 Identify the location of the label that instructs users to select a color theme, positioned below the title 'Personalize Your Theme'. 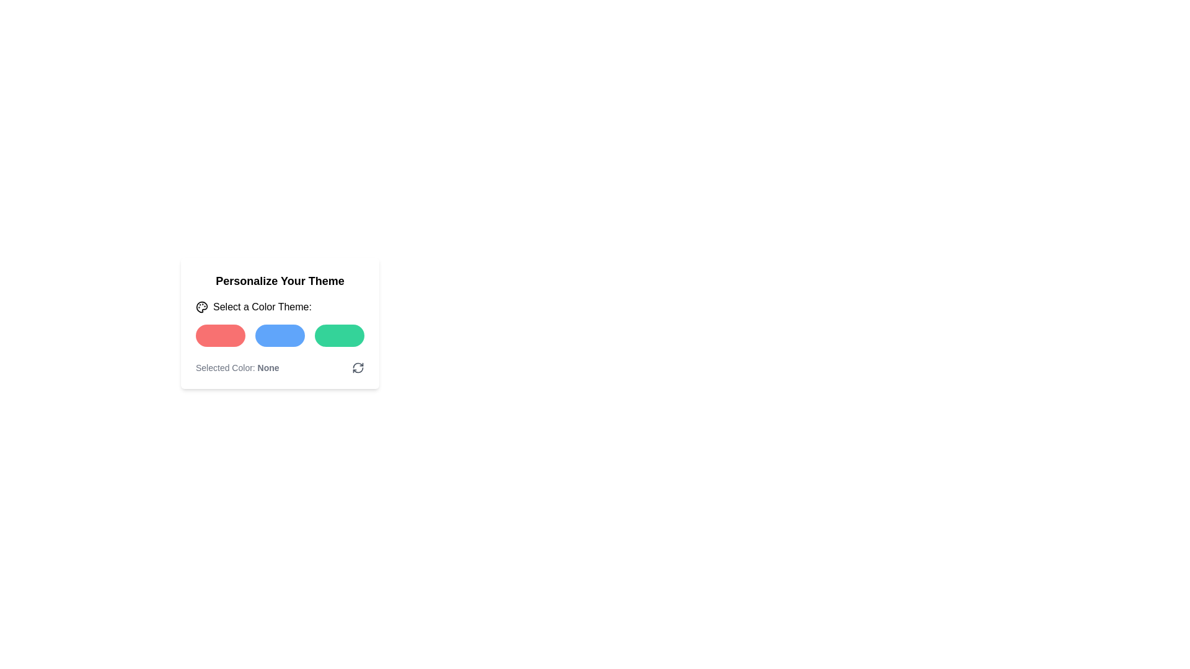
(279, 307).